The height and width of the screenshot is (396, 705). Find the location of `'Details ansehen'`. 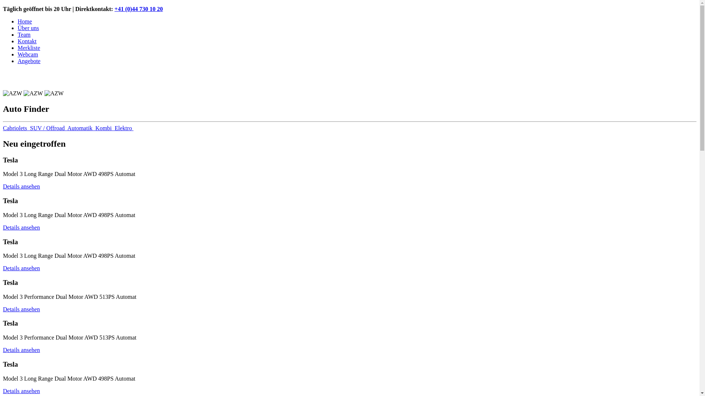

'Details ansehen' is located at coordinates (21, 390).